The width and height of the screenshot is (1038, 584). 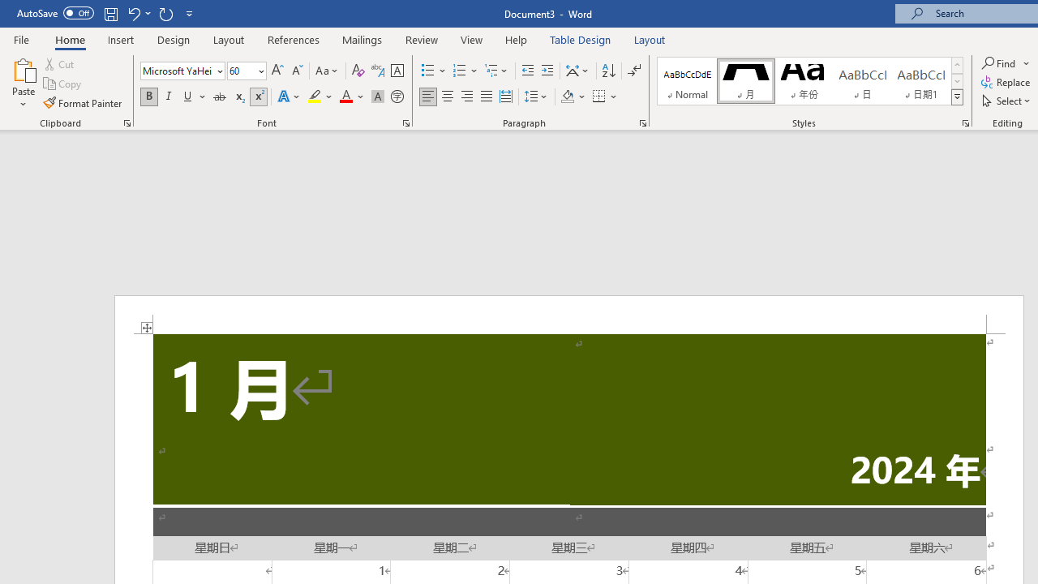 What do you see at coordinates (358, 70) in the screenshot?
I see `'Clear Formatting'` at bounding box center [358, 70].